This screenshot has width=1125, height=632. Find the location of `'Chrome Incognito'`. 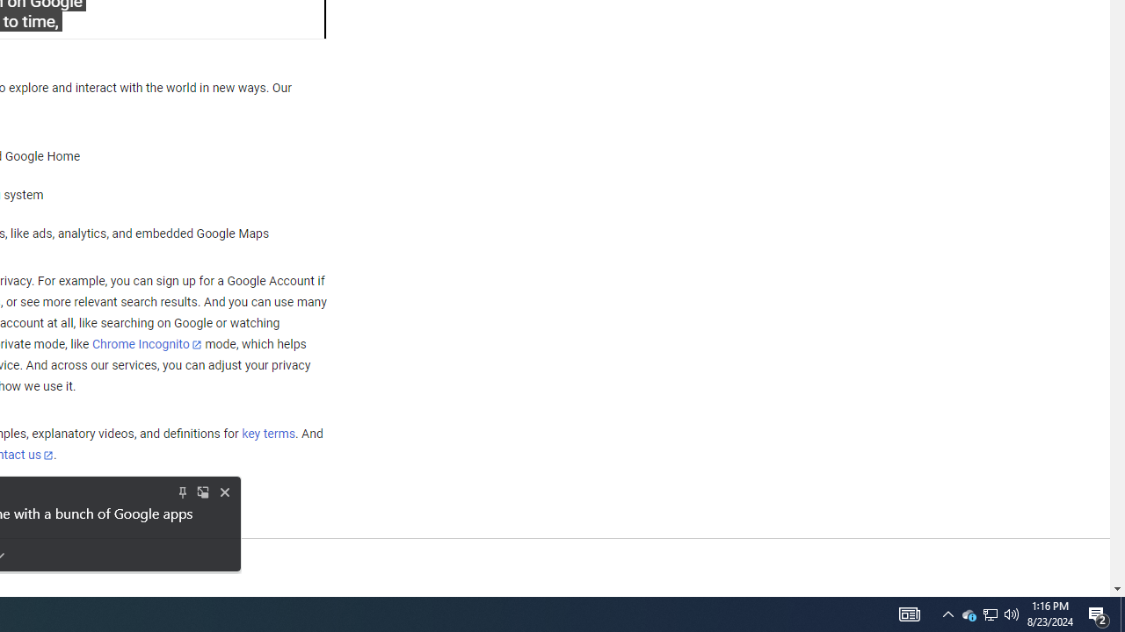

'Chrome Incognito' is located at coordinates (147, 344).